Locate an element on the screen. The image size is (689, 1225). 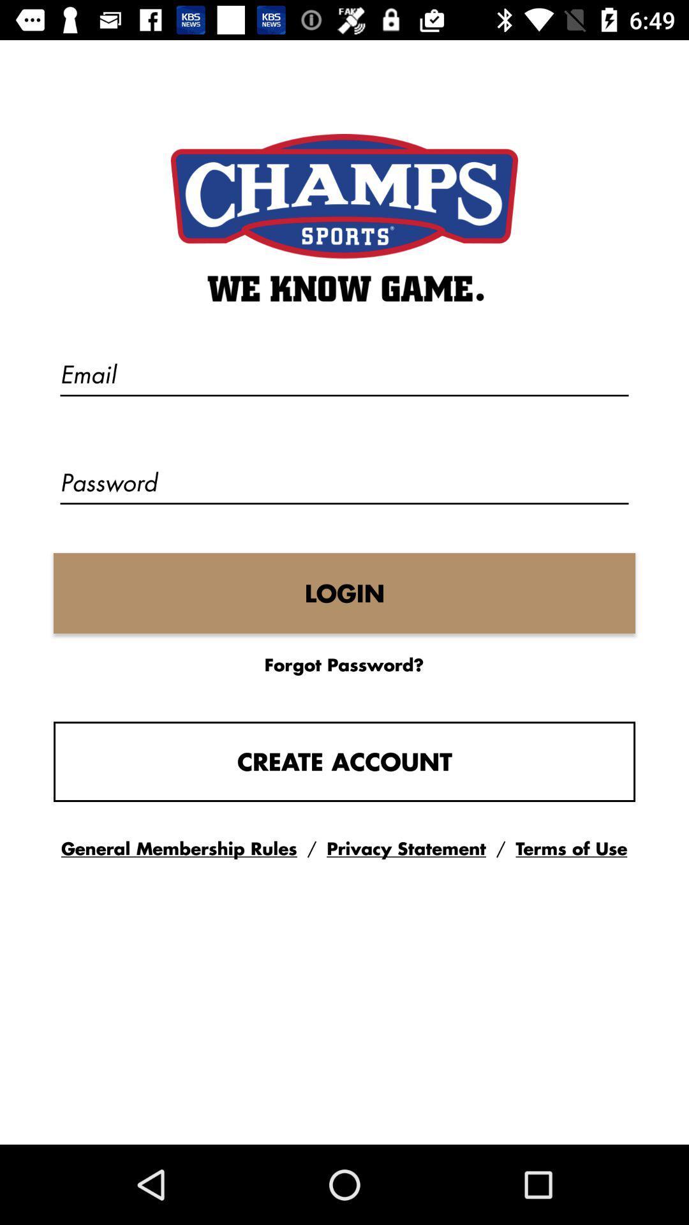
the text field above password is located at coordinates (344, 376).